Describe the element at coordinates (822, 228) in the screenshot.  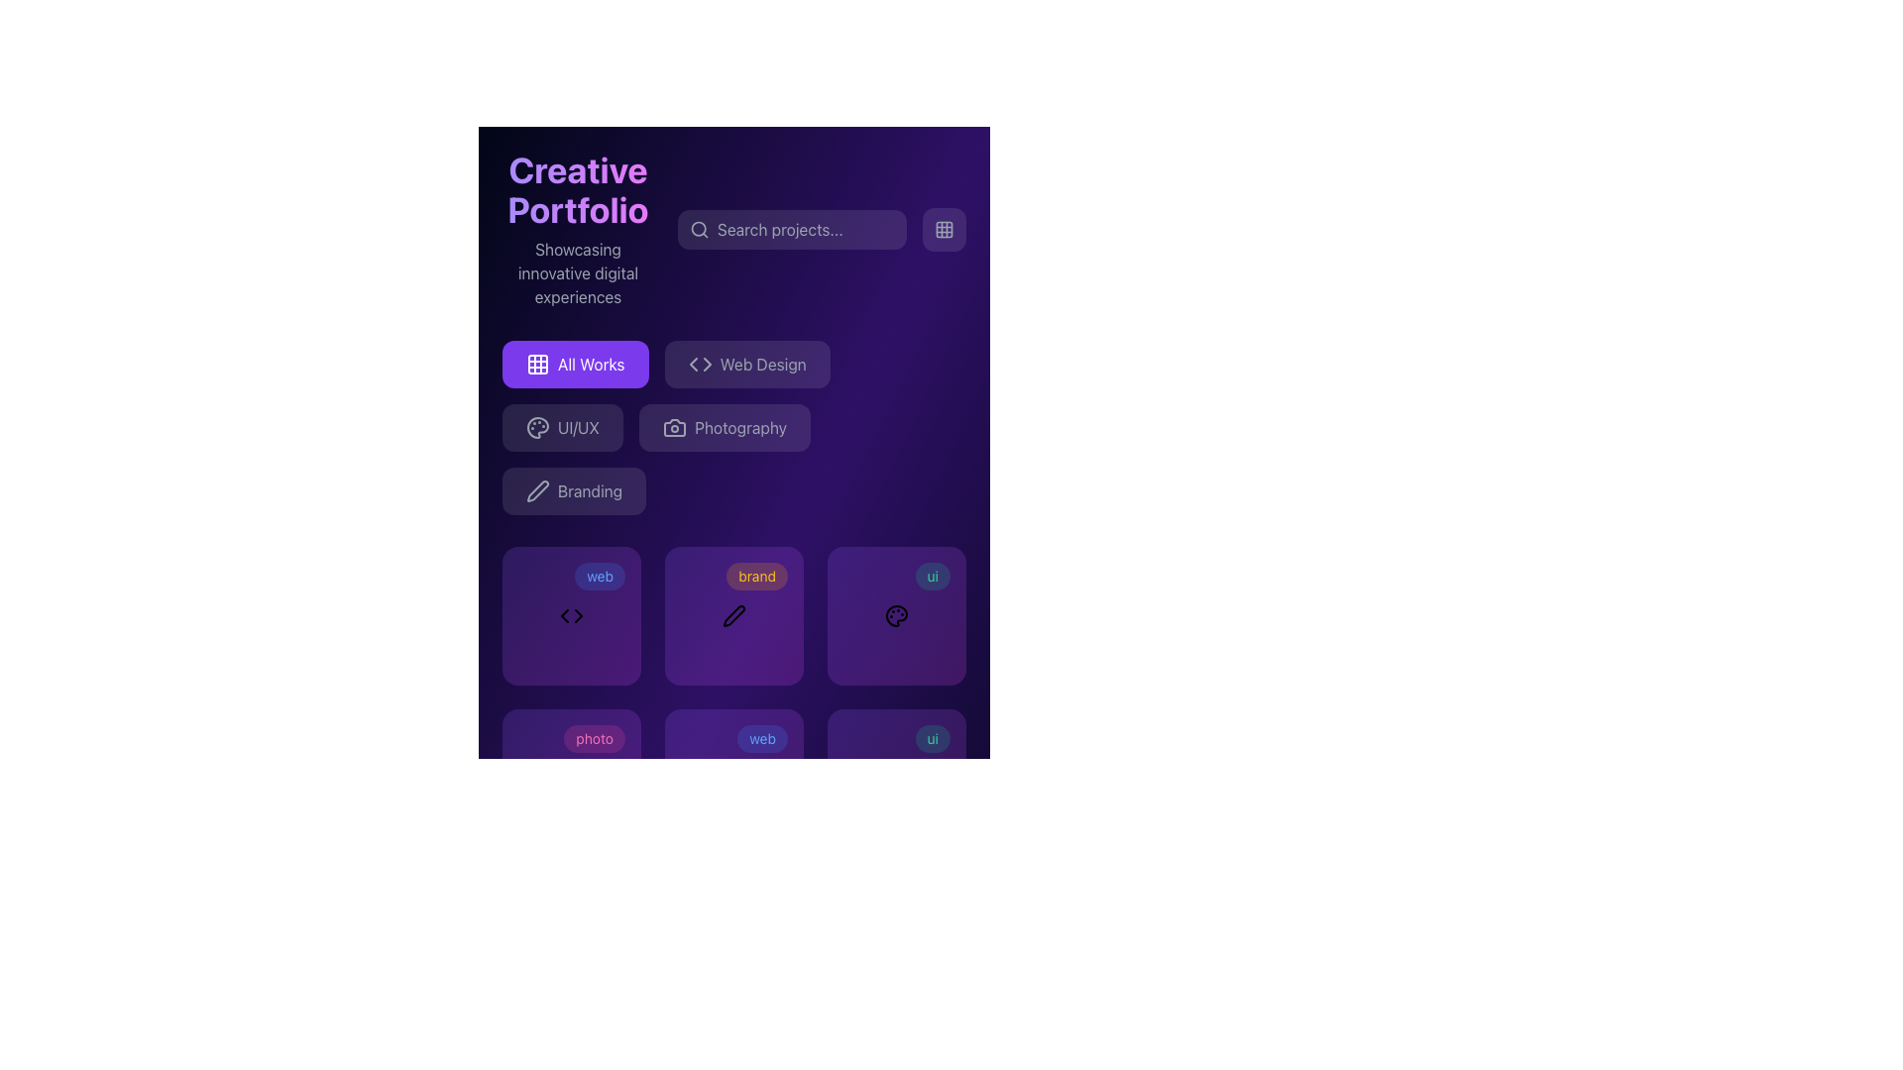
I see `the search input field in the Input Group (Search Bar and Button)` at that location.